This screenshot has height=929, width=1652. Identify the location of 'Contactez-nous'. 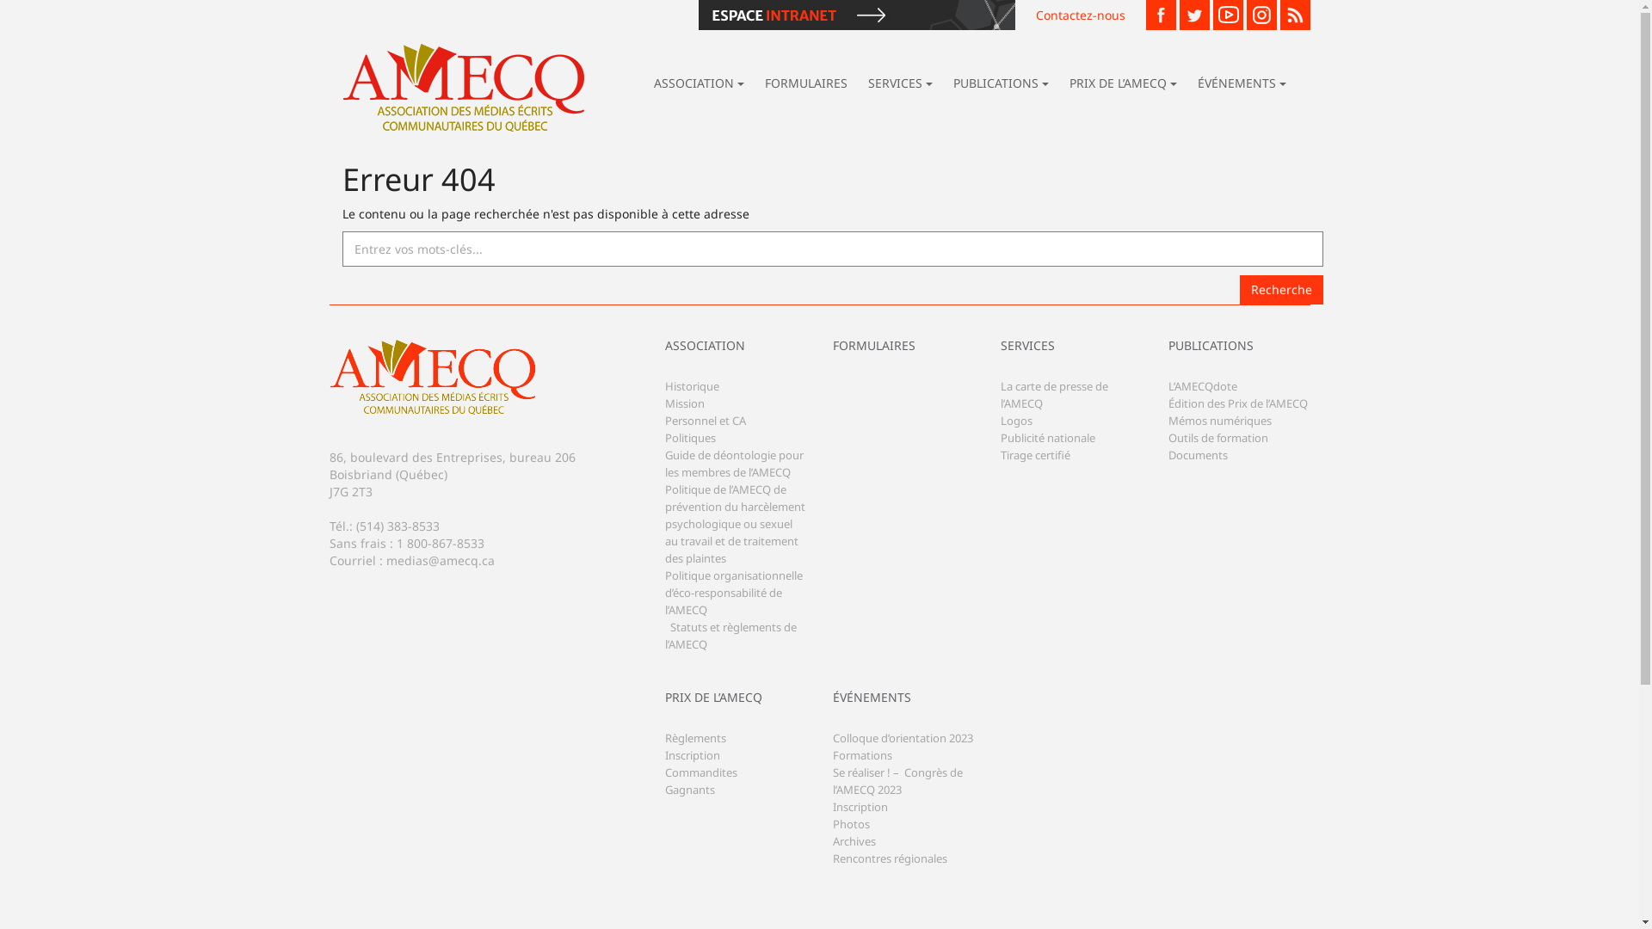
(1080, 15).